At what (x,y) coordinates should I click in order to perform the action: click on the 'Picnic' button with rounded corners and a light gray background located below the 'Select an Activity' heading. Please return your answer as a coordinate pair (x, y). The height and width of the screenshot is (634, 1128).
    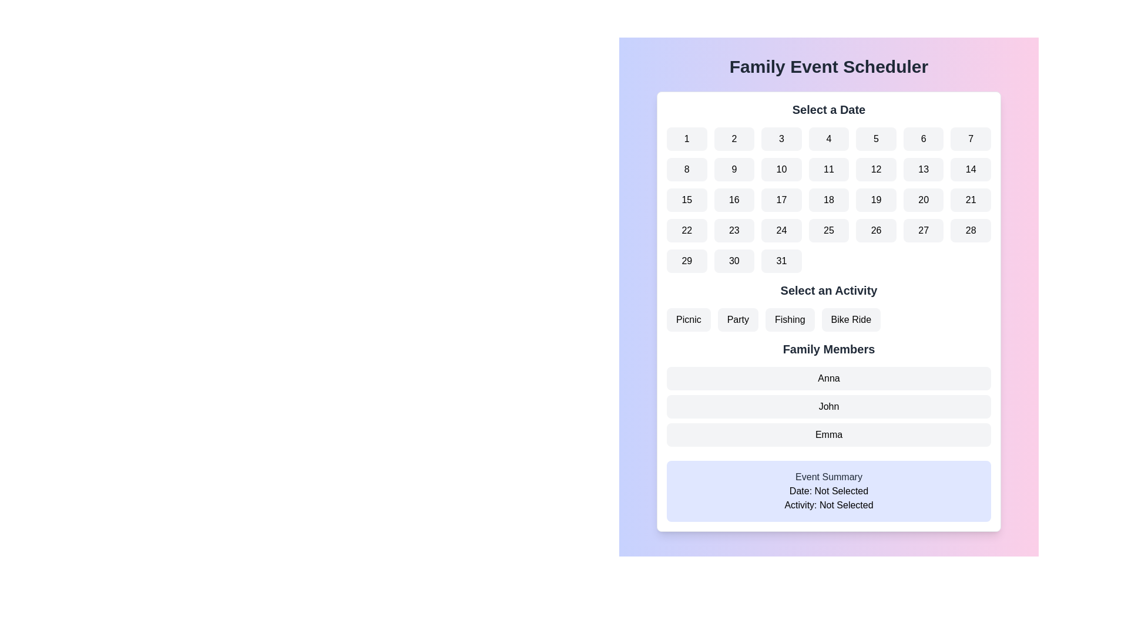
    Looking at the image, I should click on (689, 319).